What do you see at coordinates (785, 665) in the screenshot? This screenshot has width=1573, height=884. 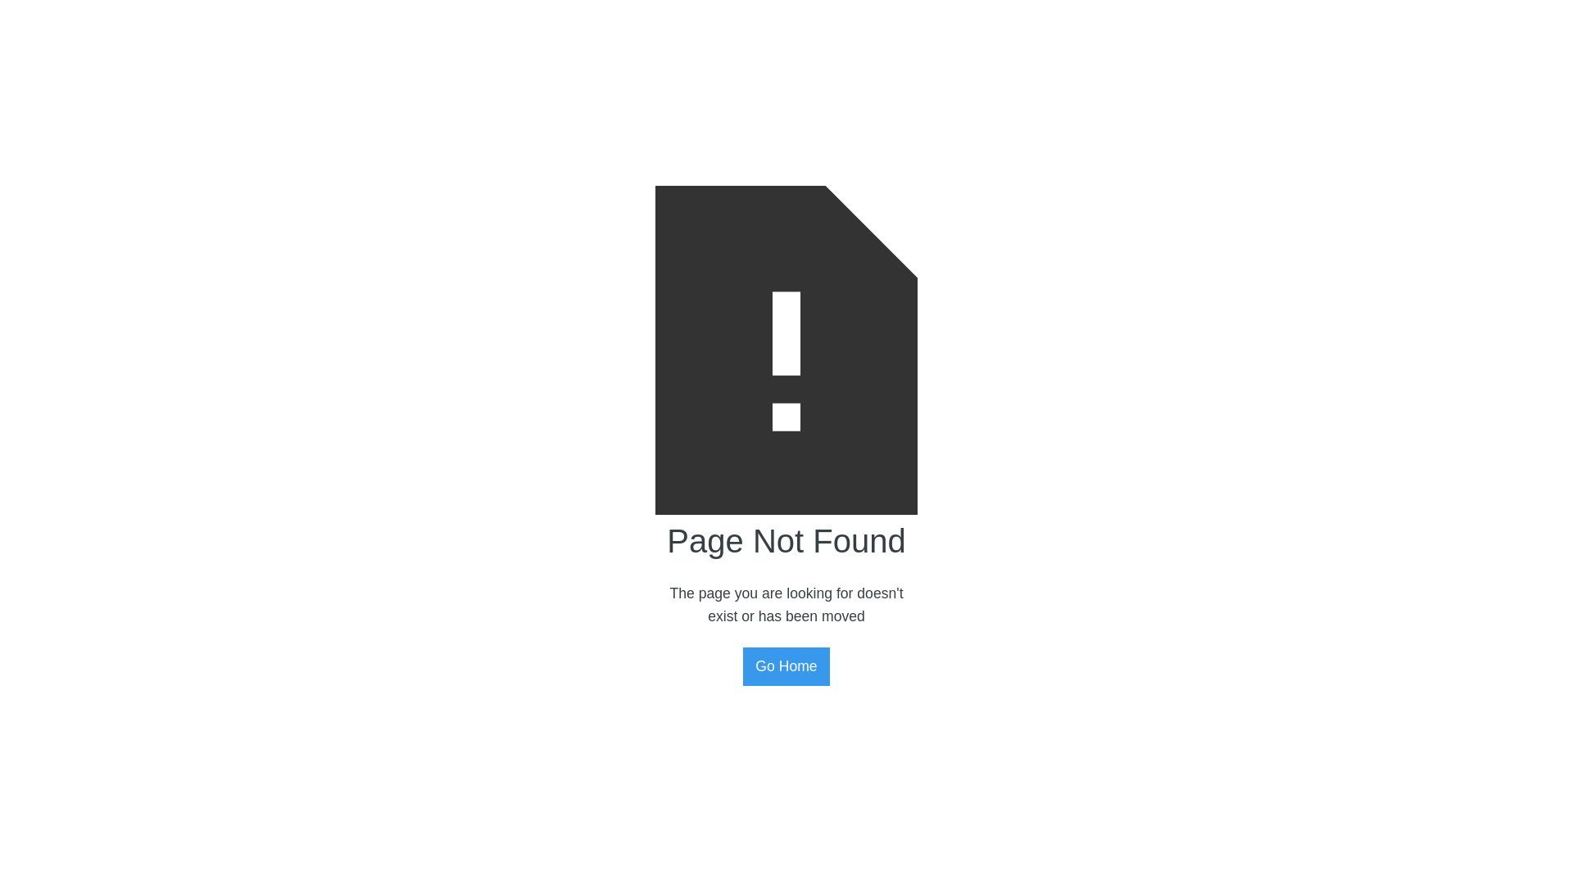 I see `'Go Home'` at bounding box center [785, 665].